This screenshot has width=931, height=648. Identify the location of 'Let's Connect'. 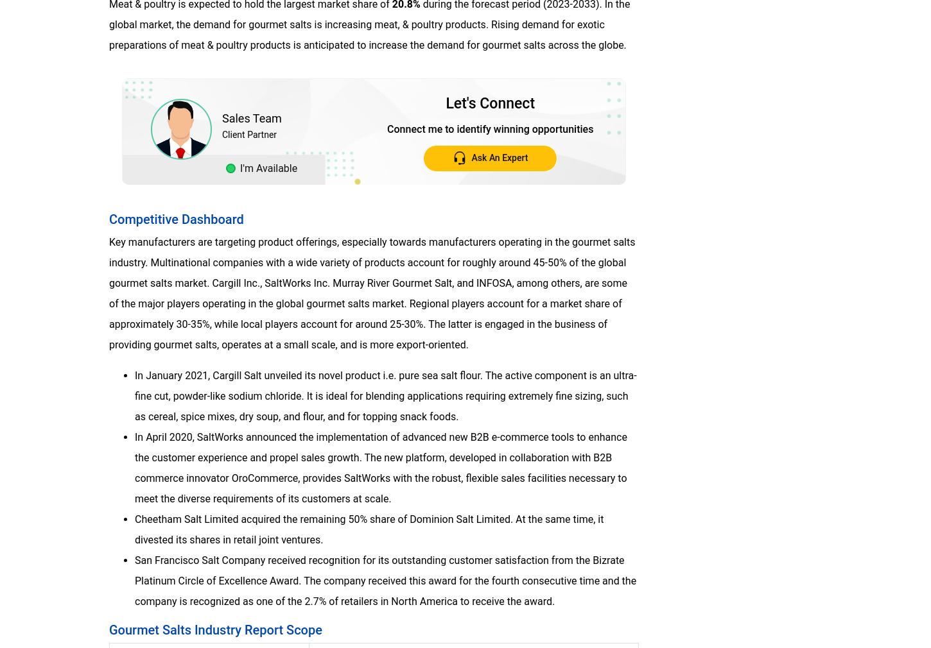
(490, 102).